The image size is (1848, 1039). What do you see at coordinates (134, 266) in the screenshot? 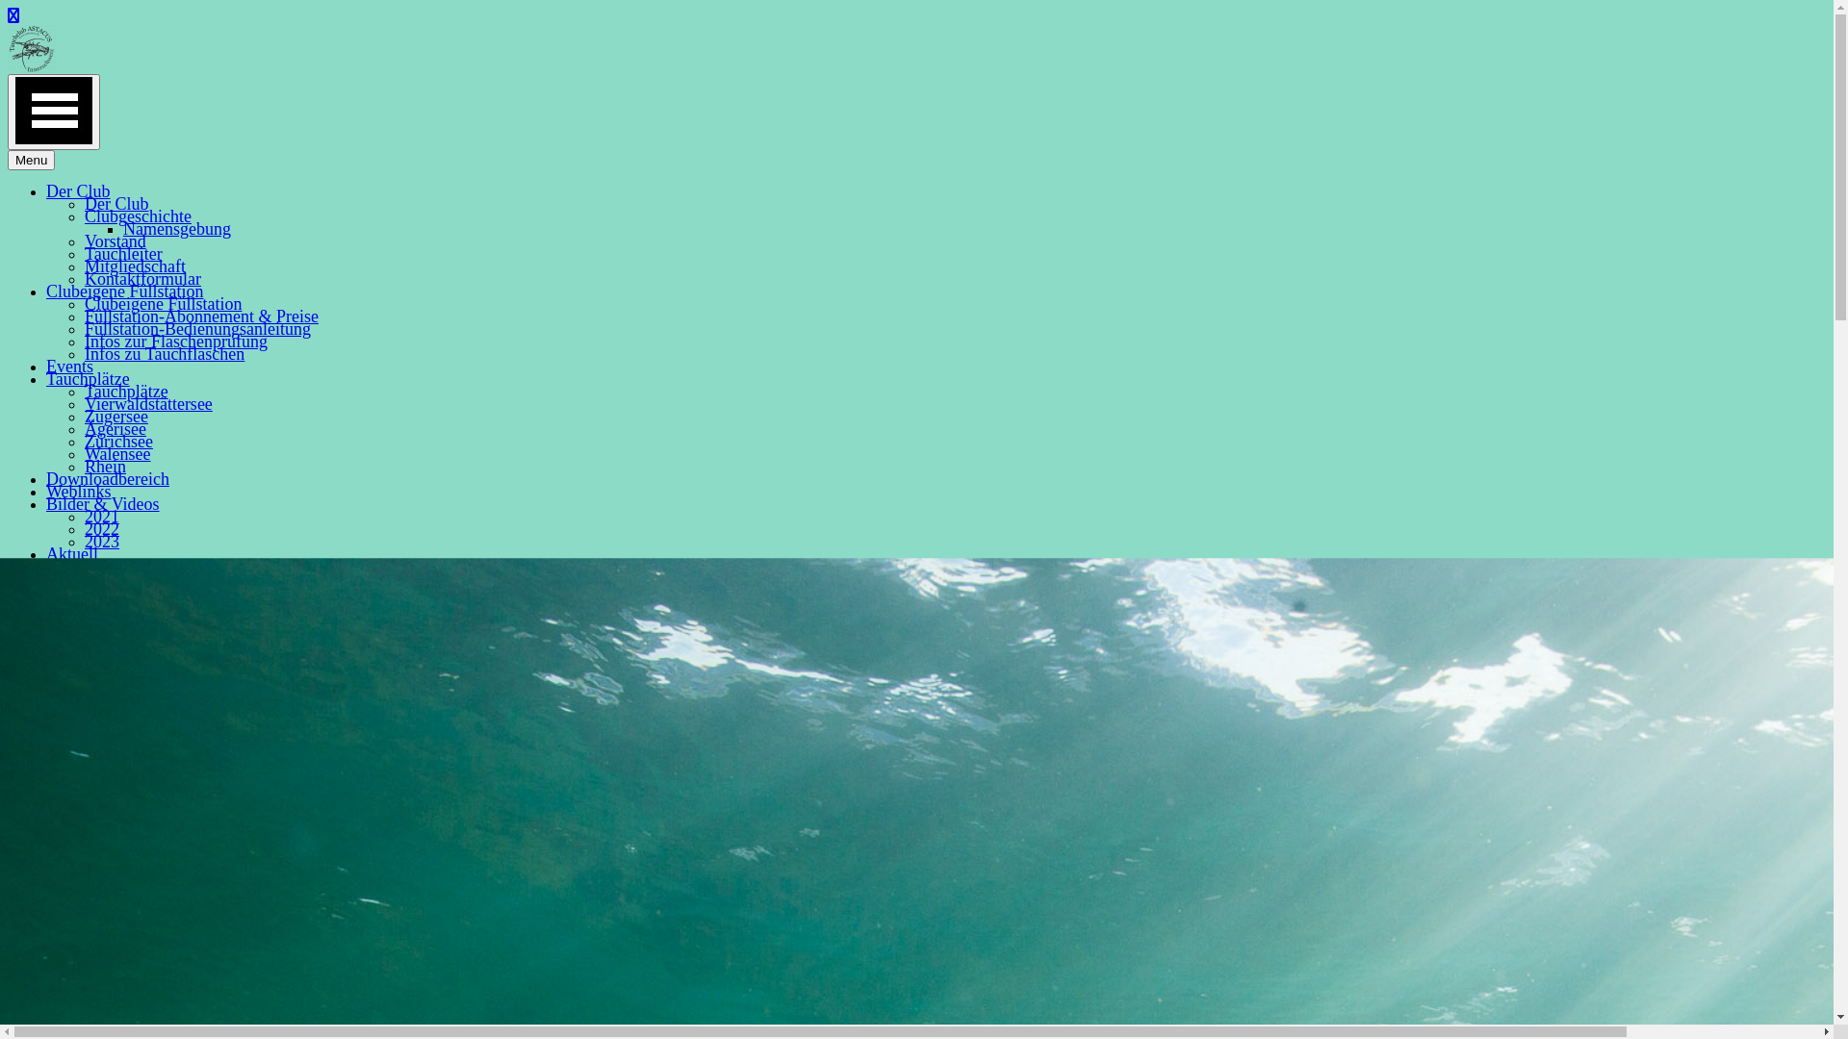
I see `'Mitgliedschaft'` at bounding box center [134, 266].